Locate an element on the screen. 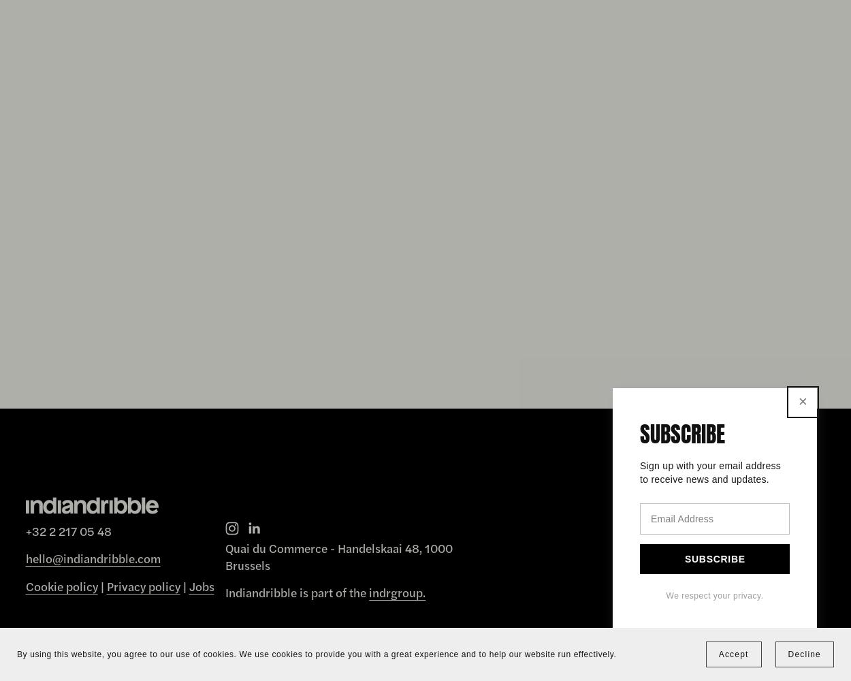 This screenshot has width=851, height=681. 'Privacy policy' is located at coordinates (106, 584).